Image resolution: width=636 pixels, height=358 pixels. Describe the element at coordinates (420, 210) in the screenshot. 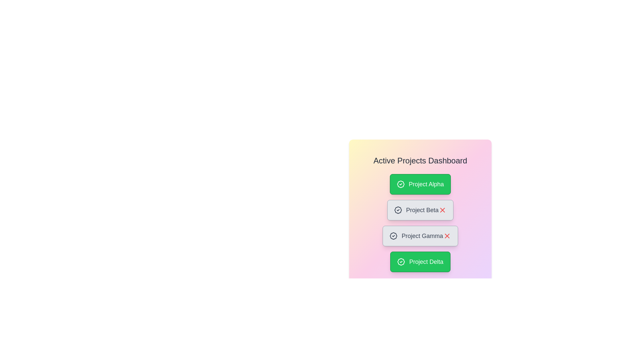

I see `the project card with label Project Beta` at that location.